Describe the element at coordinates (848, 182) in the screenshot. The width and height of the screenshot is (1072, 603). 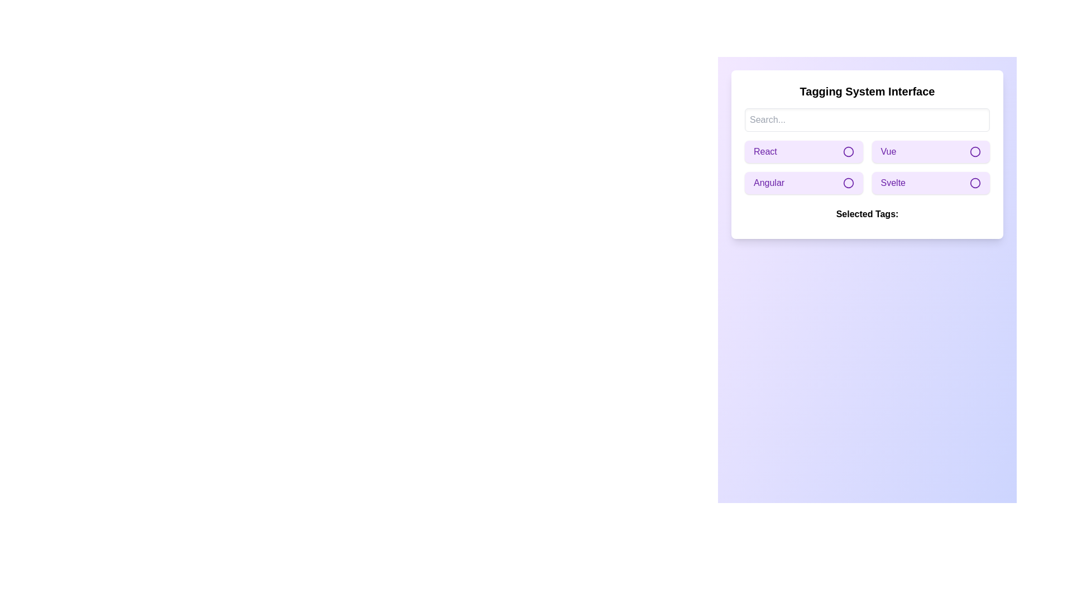
I see `the circular icon button with a hollow center and purple stroke` at that location.